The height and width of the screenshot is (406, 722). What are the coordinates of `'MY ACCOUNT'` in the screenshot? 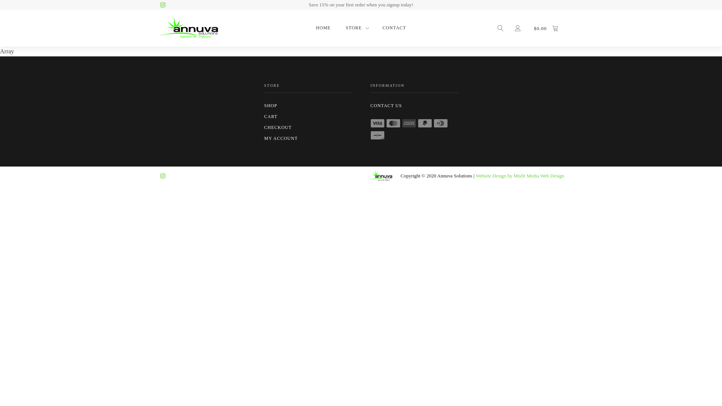 It's located at (264, 138).